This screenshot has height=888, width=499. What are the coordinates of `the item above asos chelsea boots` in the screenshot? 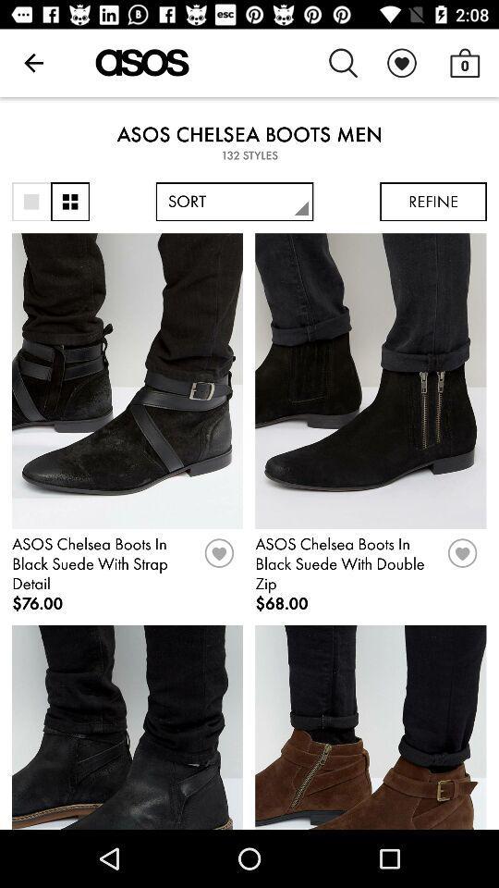 It's located at (401, 63).